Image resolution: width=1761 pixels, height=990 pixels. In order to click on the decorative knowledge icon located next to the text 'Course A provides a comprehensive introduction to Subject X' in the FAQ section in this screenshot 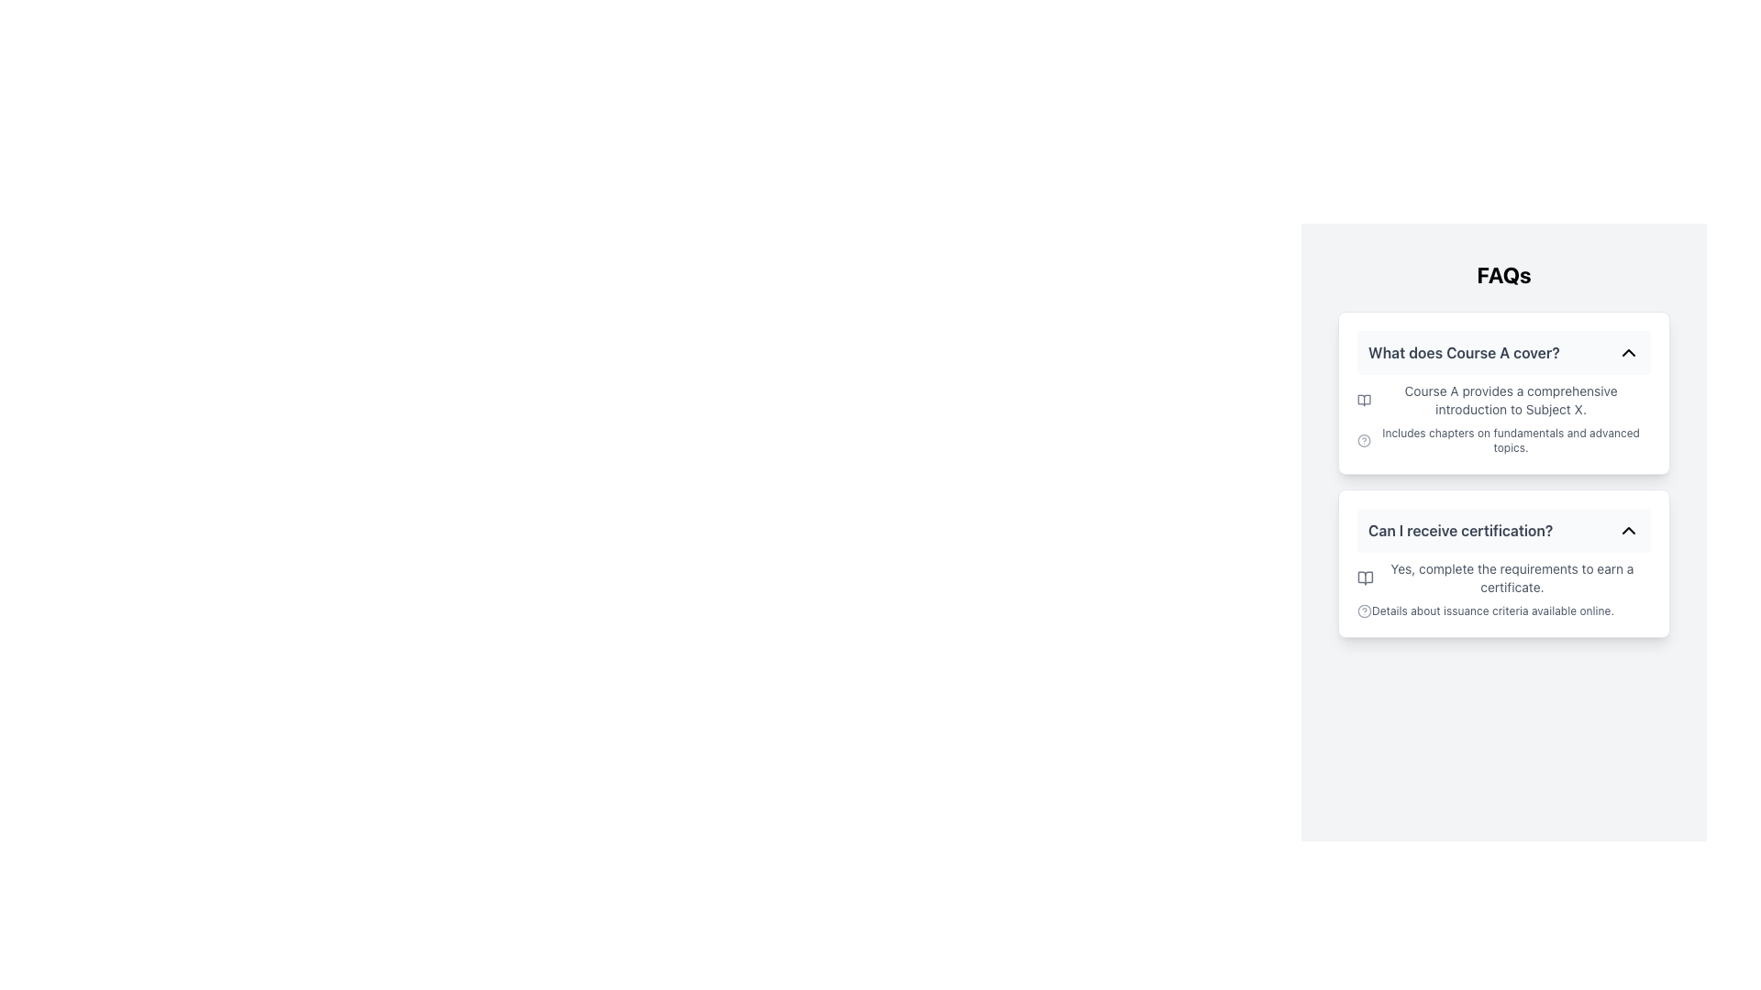, I will do `click(1364, 399)`.